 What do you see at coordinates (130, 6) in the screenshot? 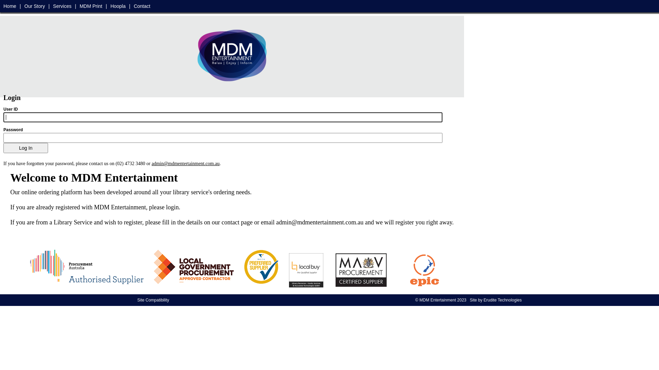
I see `'|'` at bounding box center [130, 6].